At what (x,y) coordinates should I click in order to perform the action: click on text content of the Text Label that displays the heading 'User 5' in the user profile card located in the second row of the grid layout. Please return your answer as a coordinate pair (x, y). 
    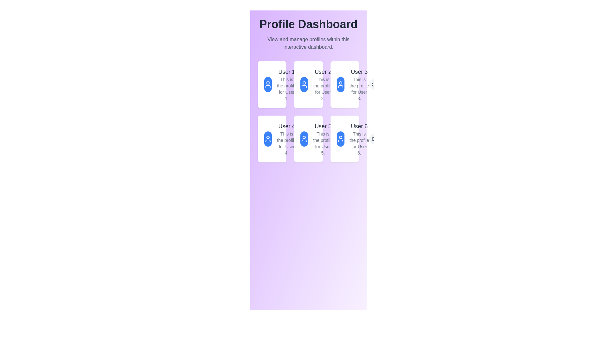
    Looking at the image, I should click on (323, 126).